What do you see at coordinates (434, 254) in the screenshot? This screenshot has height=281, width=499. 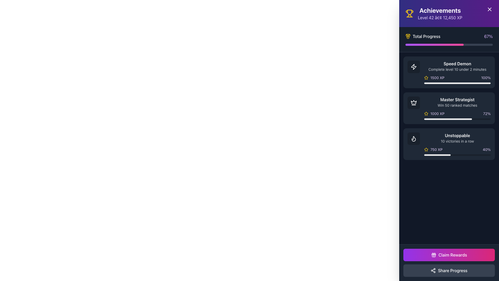 I see `the horizontal bar component of the gift icon located to the left of the 'Claim Rewards' button at the bottom of the interface` at bounding box center [434, 254].